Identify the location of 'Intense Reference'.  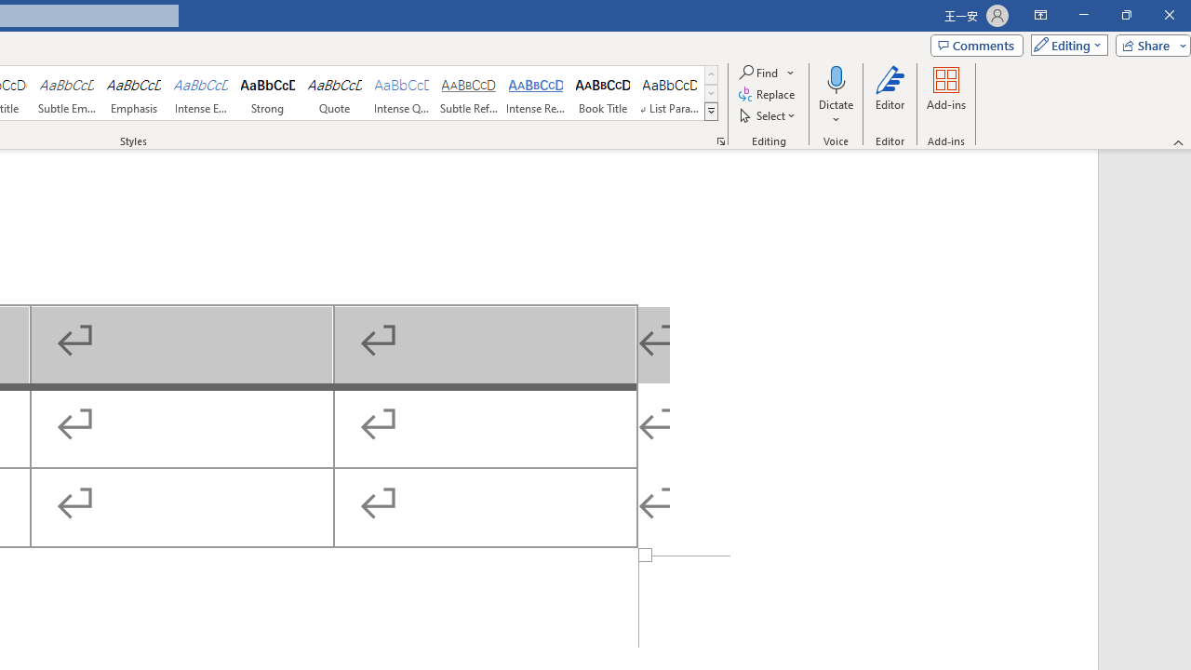
(535, 93).